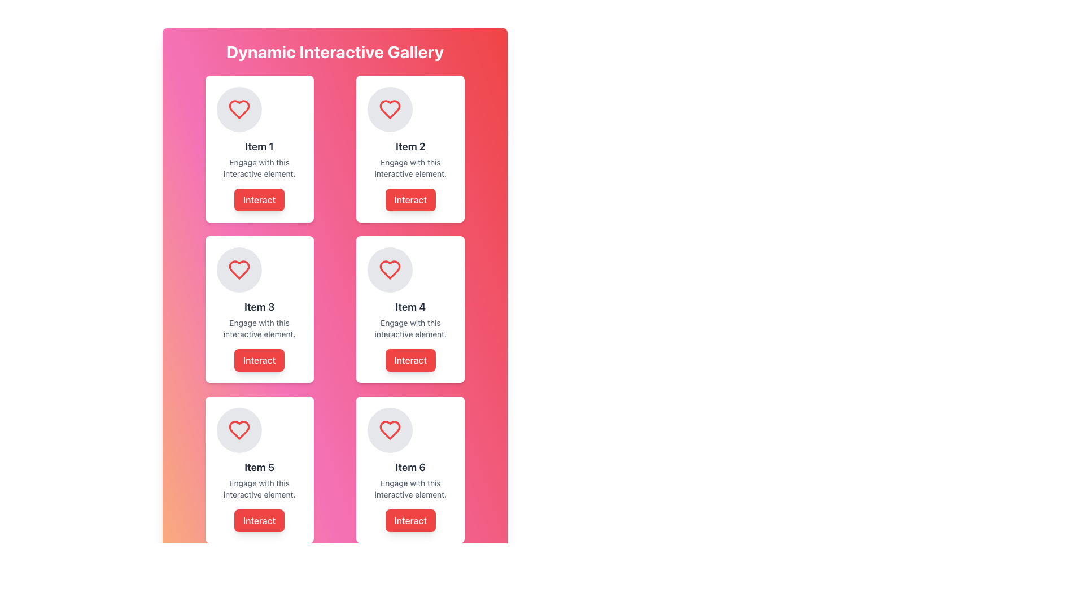 The width and height of the screenshot is (1084, 610). Describe the element at coordinates (259, 307) in the screenshot. I see `the content of the text label displaying 'Item 3' in large, bold font within the third card of interactive cards` at that location.